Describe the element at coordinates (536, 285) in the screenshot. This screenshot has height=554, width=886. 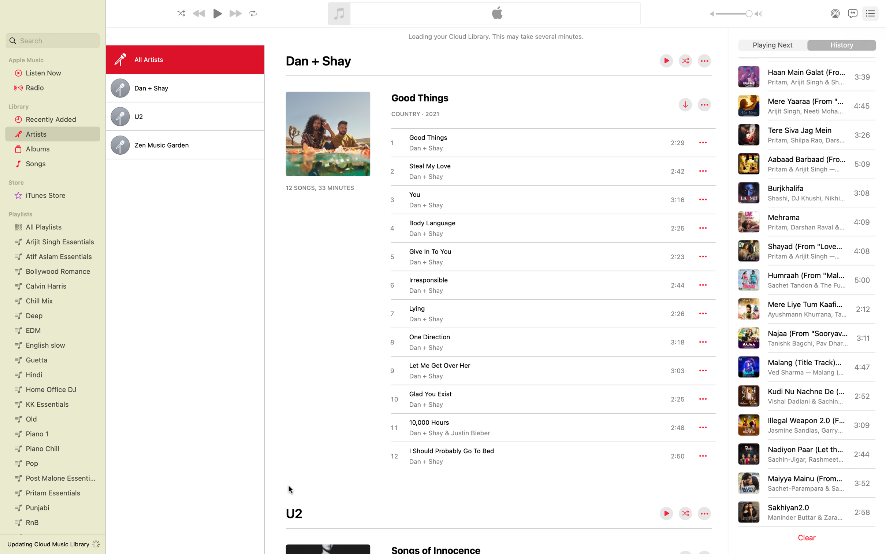
I see `Play the song irresponsible` at that location.